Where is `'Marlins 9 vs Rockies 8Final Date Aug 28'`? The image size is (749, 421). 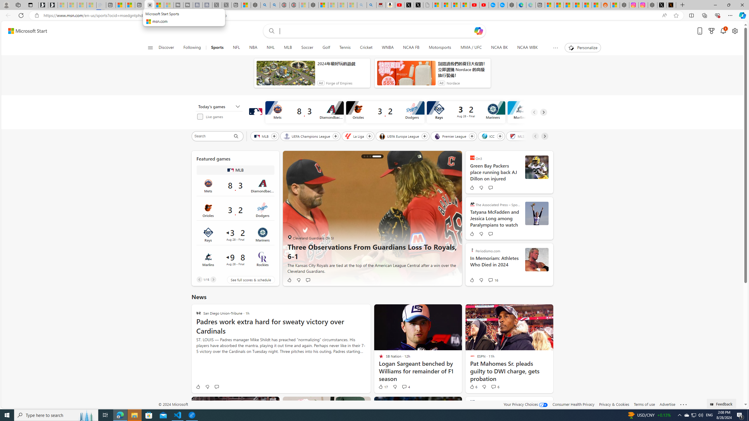 'Marlins 9 vs Rockies 8Final Date Aug 28' is located at coordinates (235, 259).